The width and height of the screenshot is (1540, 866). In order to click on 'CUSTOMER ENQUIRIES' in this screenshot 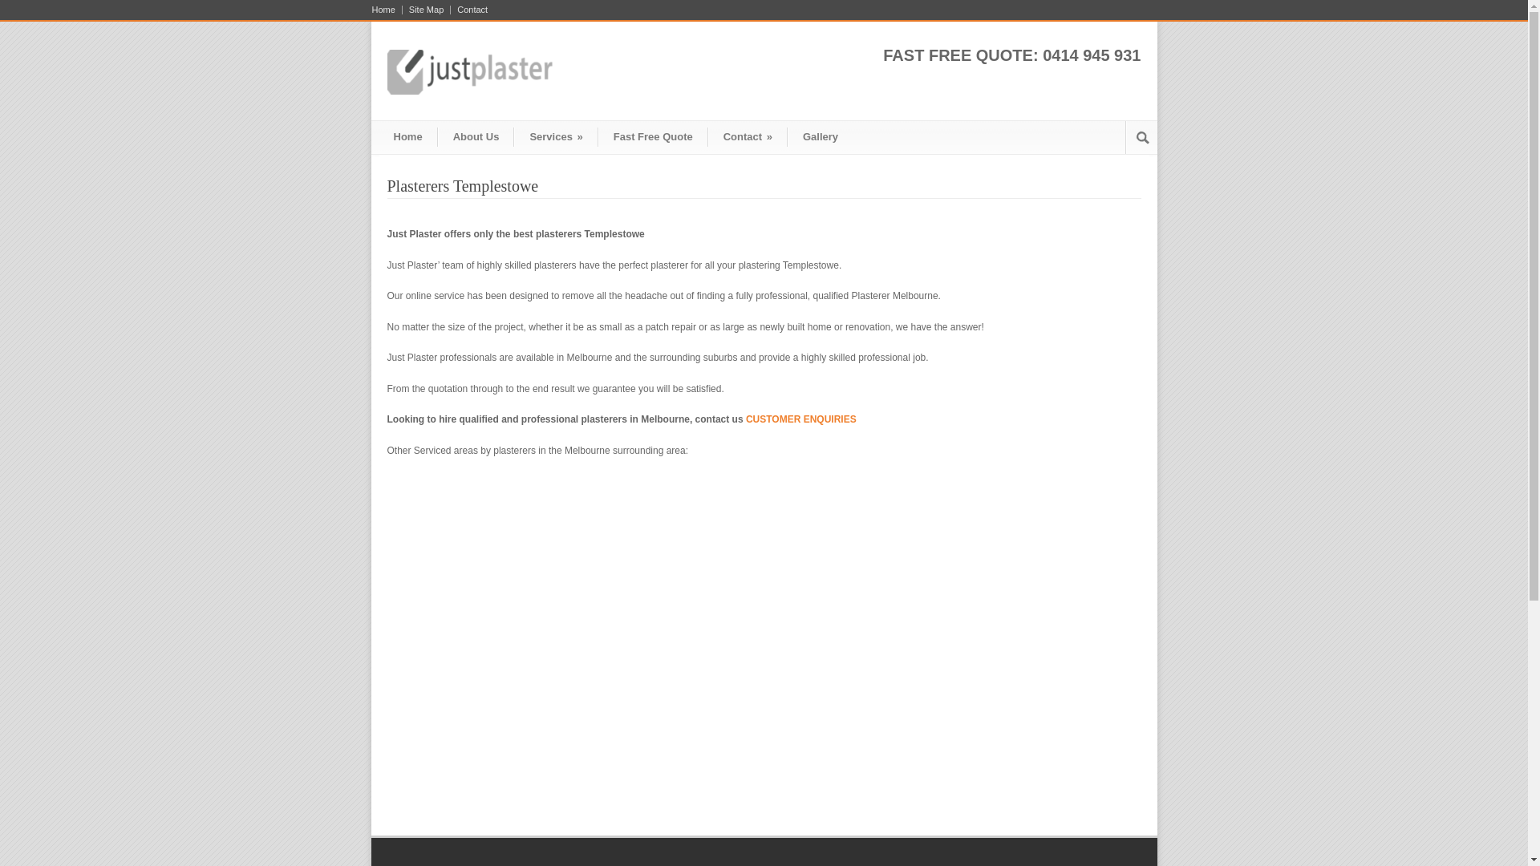, I will do `click(800, 419)`.